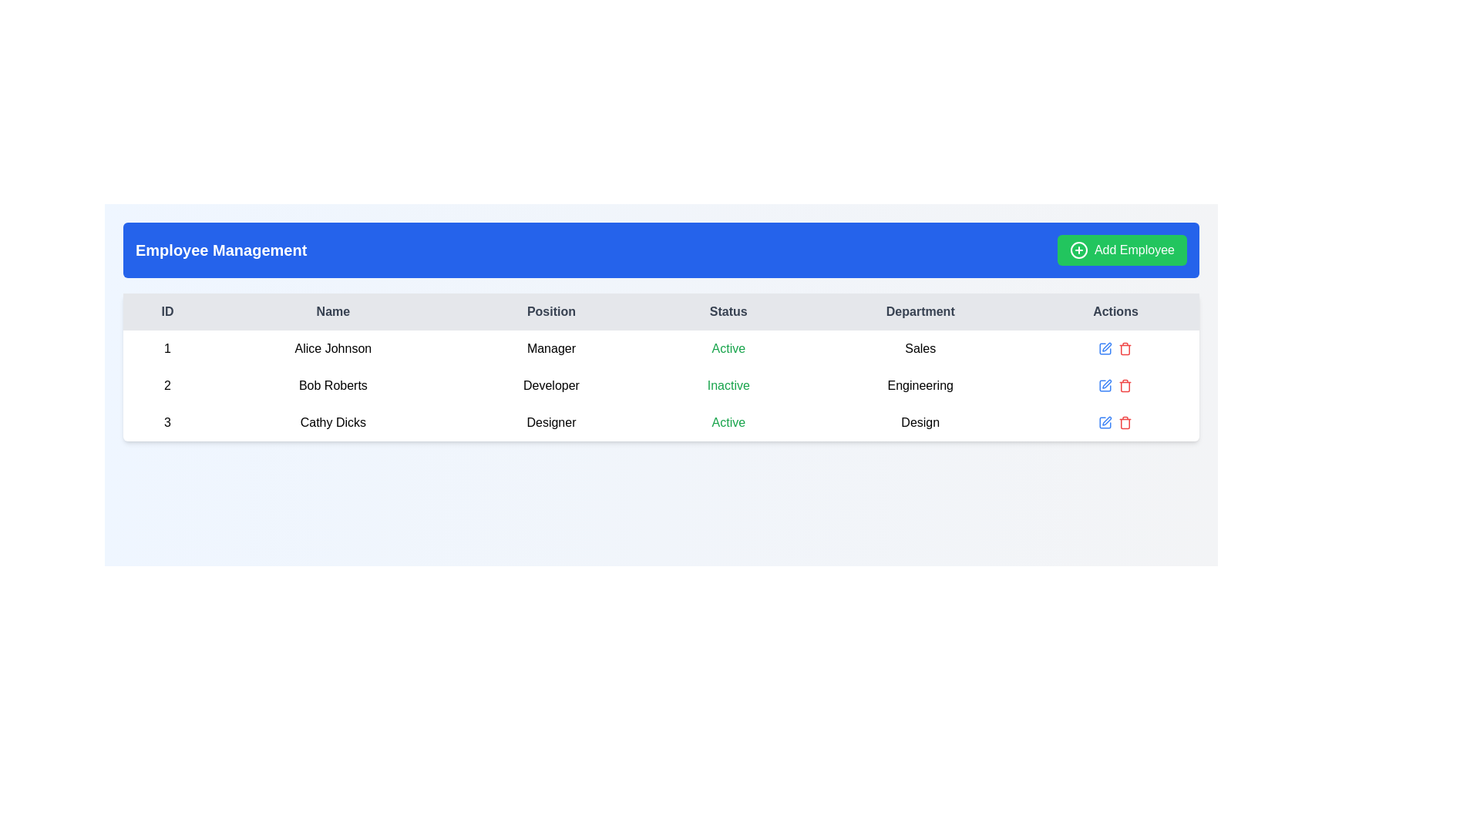  I want to click on the text label element displaying the number '2' in the 'ID' column of the Employee Management table, which is aligned with Bob Roberts' row, so click(167, 385).